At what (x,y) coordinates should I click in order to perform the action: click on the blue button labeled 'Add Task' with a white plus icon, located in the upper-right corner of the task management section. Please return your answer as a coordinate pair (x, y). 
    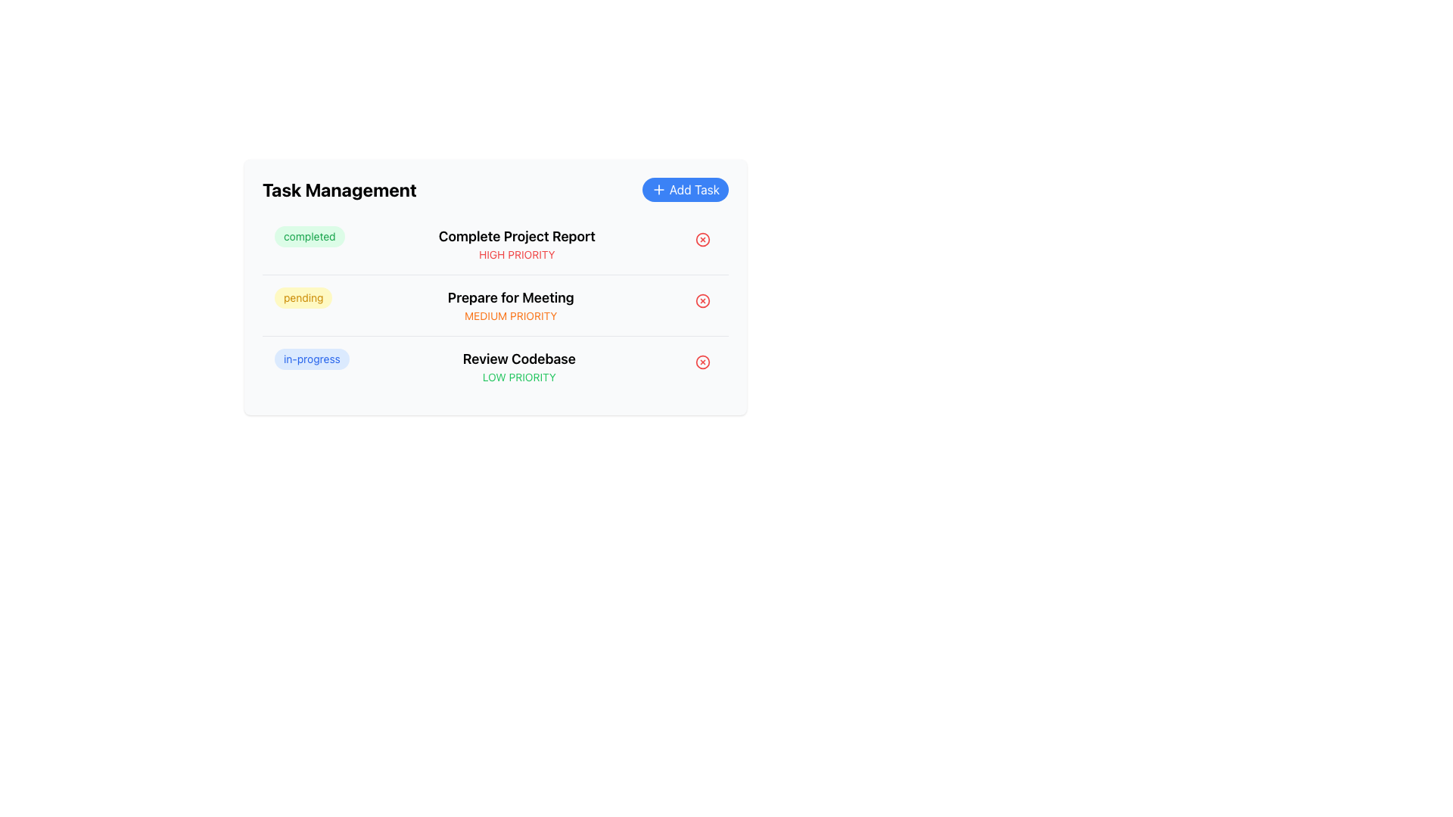
    Looking at the image, I should click on (684, 188).